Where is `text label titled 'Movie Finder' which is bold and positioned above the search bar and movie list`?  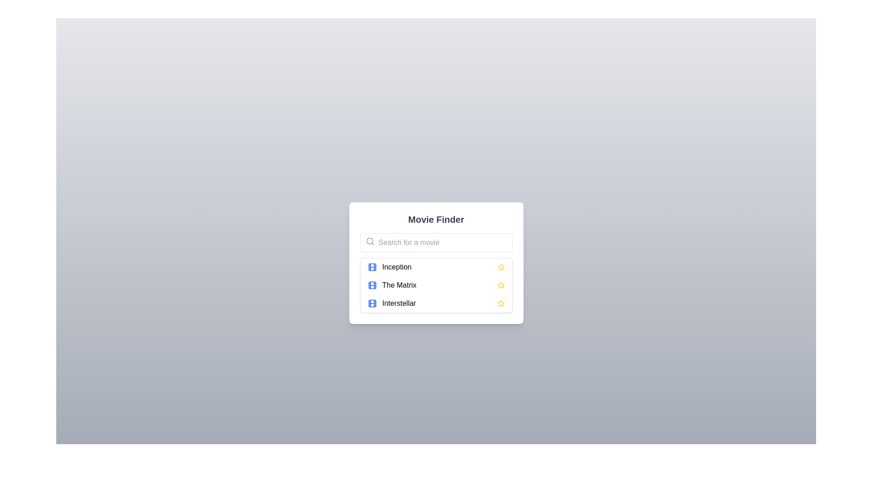 text label titled 'Movie Finder' which is bold and positioned above the search bar and movie list is located at coordinates (436, 219).